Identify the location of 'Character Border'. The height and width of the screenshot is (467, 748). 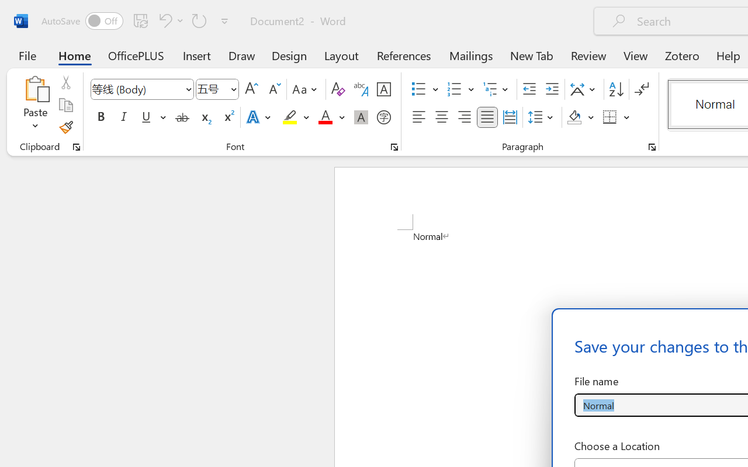
(383, 89).